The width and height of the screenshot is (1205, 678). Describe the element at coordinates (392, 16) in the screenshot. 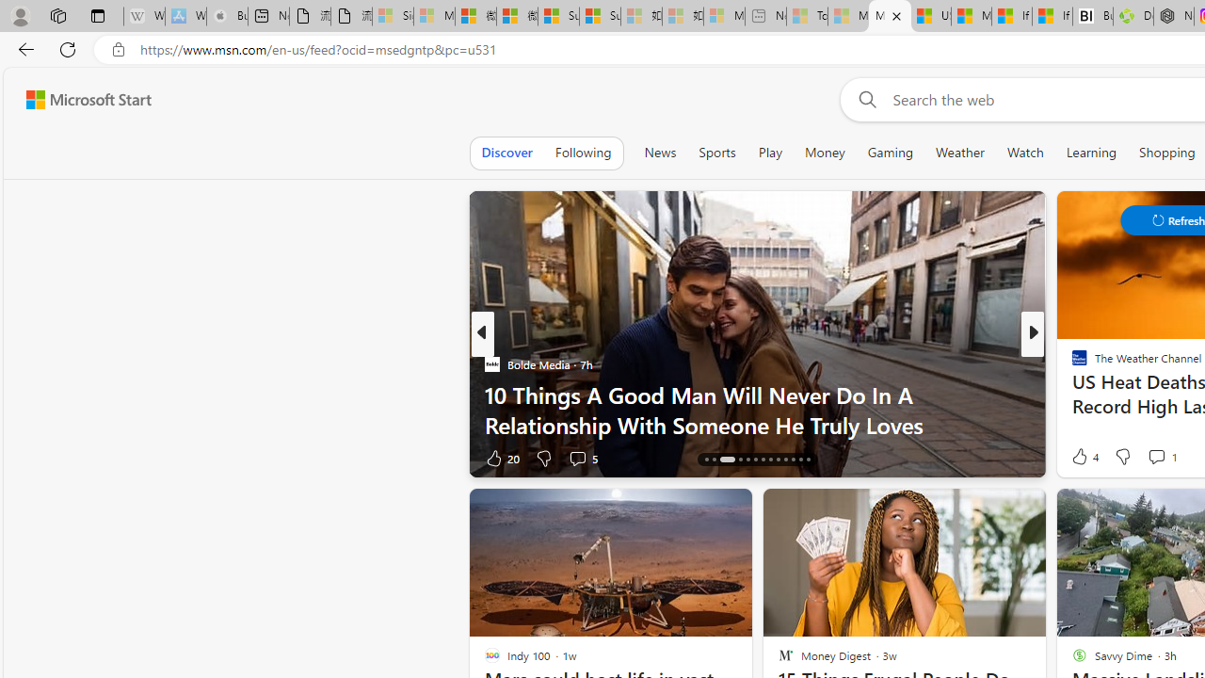

I see `'Sign in to your Microsoft account - Sleeping'` at that location.